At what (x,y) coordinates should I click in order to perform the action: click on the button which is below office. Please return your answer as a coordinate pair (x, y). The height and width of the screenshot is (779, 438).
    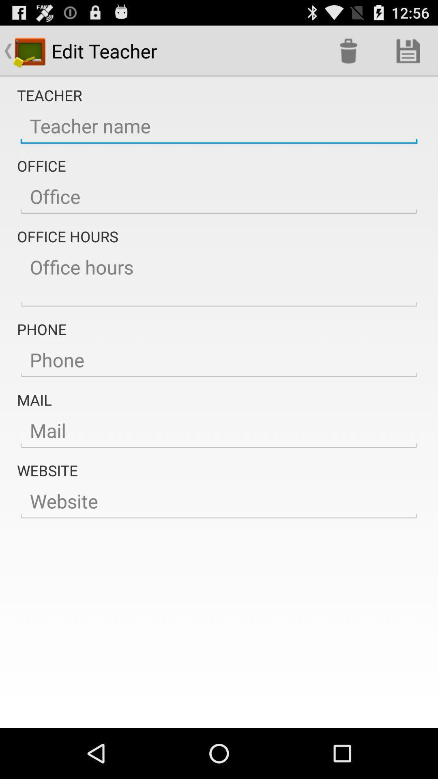
    Looking at the image, I should click on (219, 197).